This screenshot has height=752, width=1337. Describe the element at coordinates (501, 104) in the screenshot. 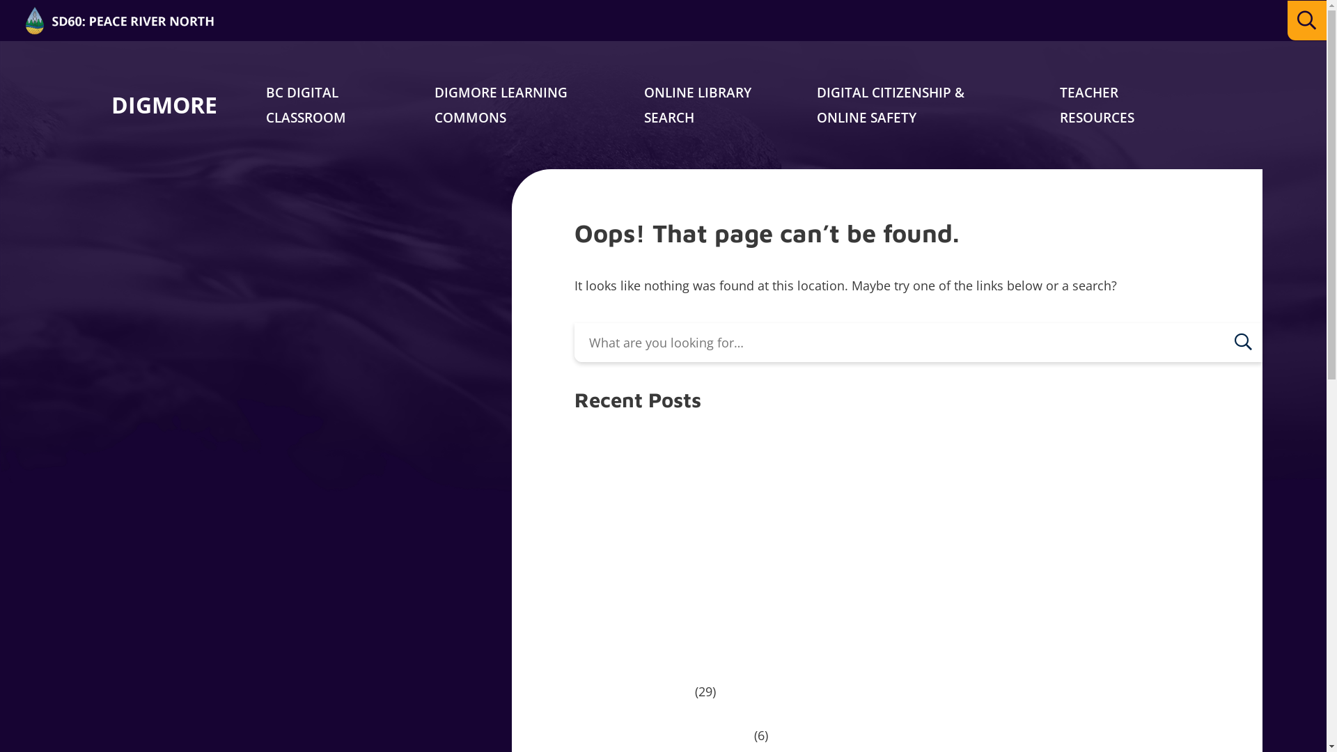

I see `'DIGMORE LEARNING COMMONS'` at that location.